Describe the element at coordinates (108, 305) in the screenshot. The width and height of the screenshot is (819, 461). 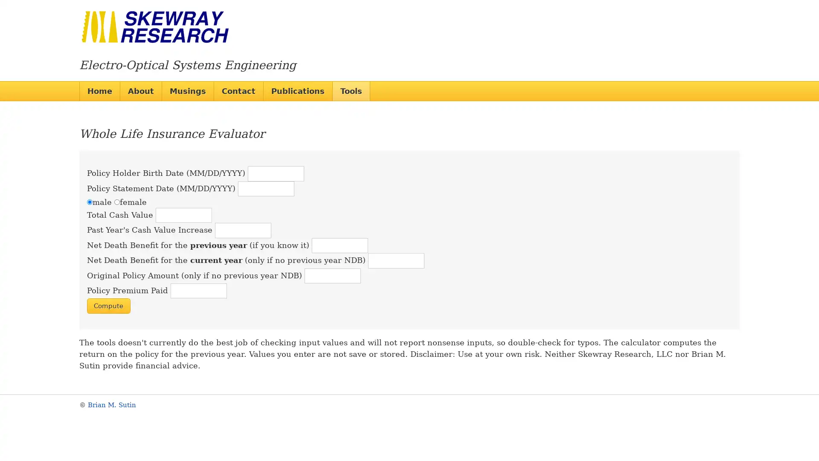
I see `Compute` at that location.